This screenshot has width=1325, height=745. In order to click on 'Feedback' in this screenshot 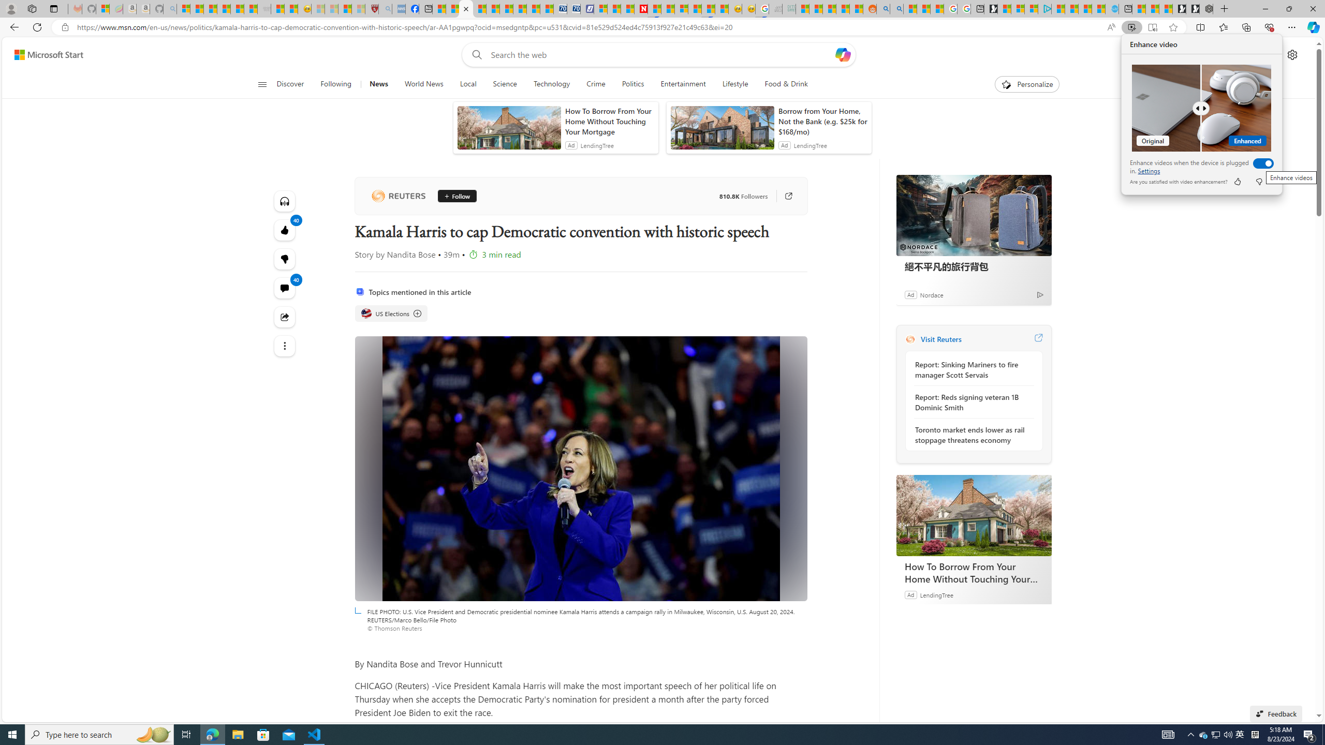, I will do `click(1276, 713)`.